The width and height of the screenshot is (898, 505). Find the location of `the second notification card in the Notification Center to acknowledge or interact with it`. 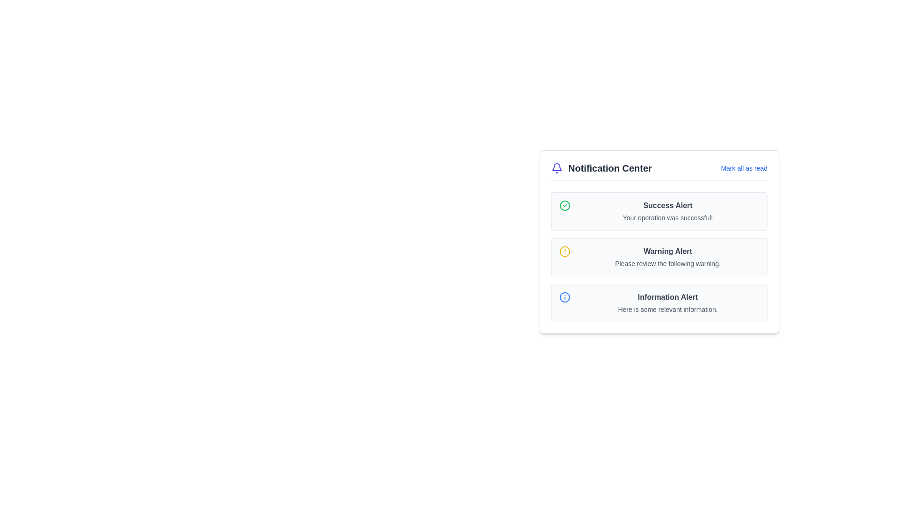

the second notification card in the Notification Center to acknowledge or interact with it is located at coordinates (659, 241).